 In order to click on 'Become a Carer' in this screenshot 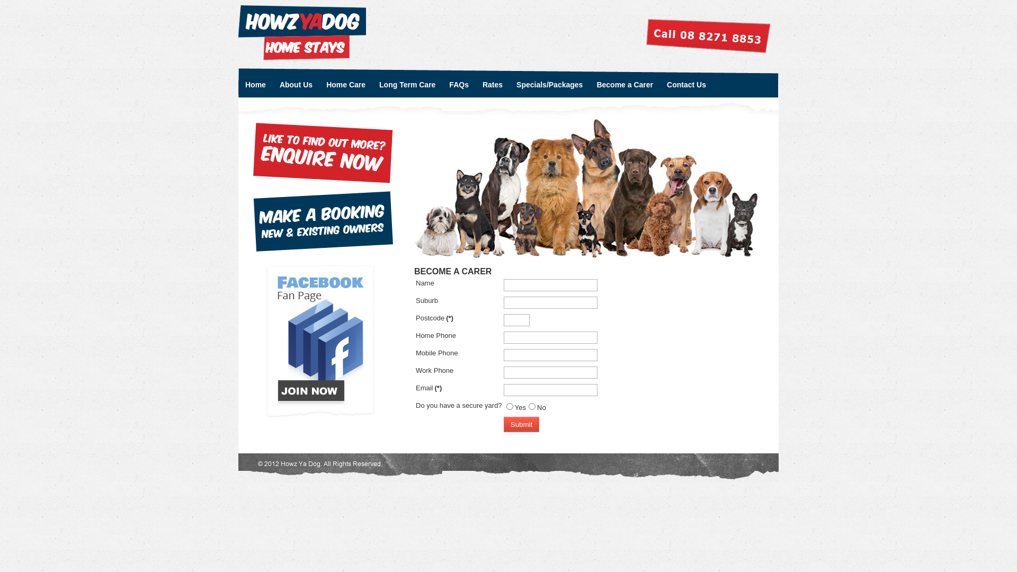, I will do `click(625, 82)`.